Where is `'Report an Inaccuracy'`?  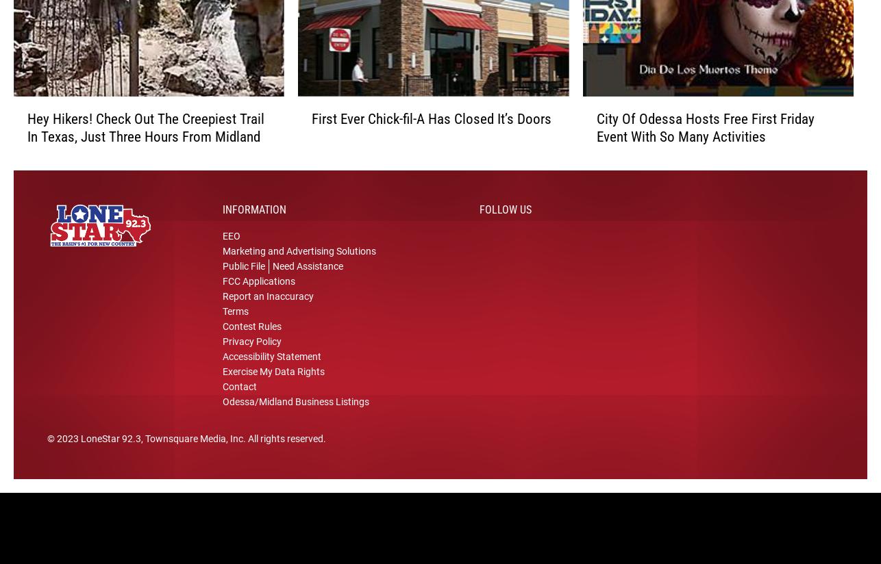
'Report an Inaccuracy' is located at coordinates (221, 307).